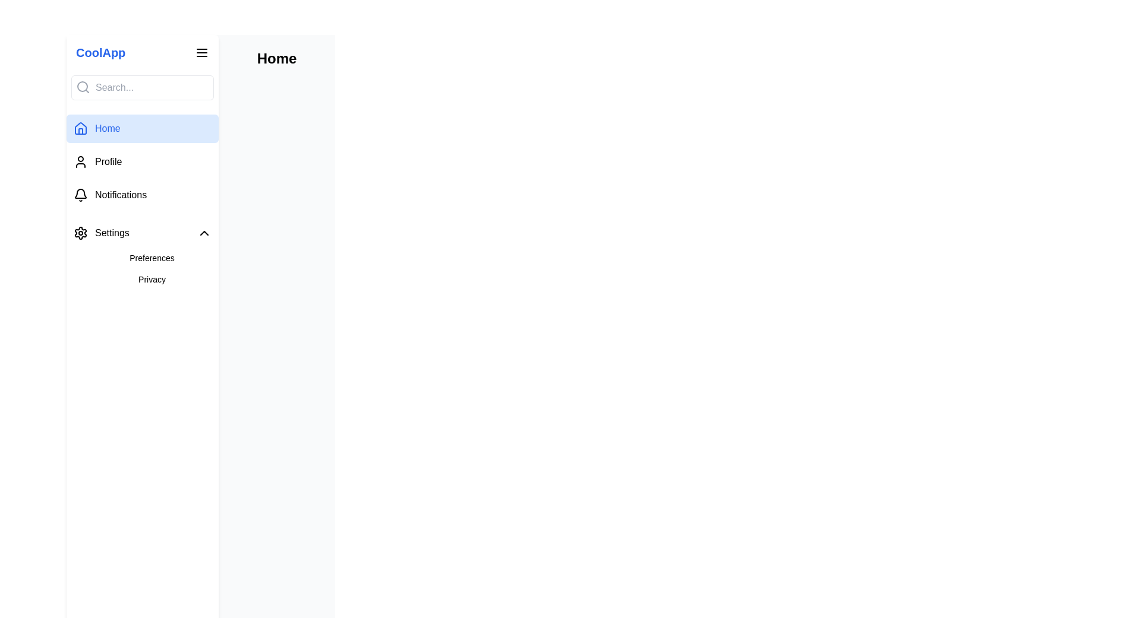  I want to click on the first Button-like navigation link in the sidebar menu, so click(143, 128).